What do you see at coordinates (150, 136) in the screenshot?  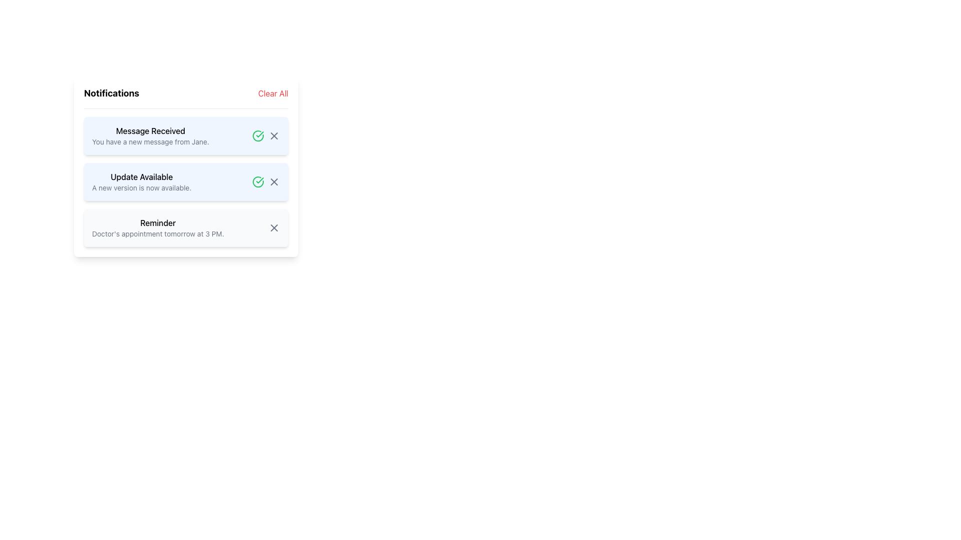 I see `the first notification card in the notifications list` at bounding box center [150, 136].